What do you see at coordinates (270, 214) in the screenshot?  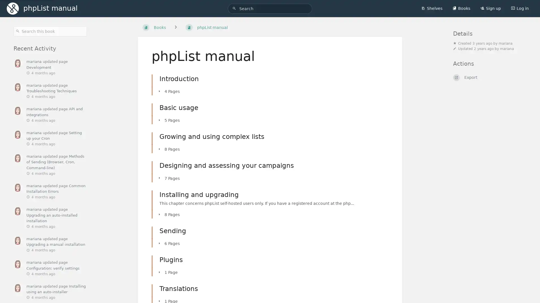 I see `8 Pages` at bounding box center [270, 214].